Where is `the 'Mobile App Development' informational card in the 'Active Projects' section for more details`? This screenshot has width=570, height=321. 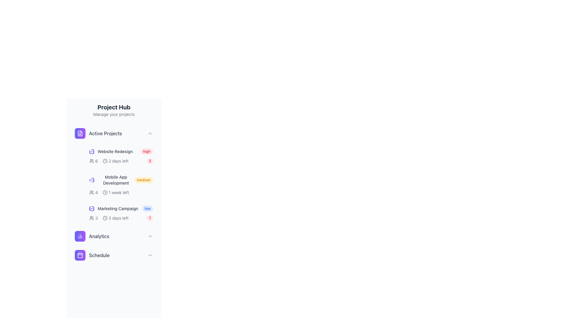
the 'Mobile App Development' informational card in the 'Active Projects' section for more details is located at coordinates (114, 174).